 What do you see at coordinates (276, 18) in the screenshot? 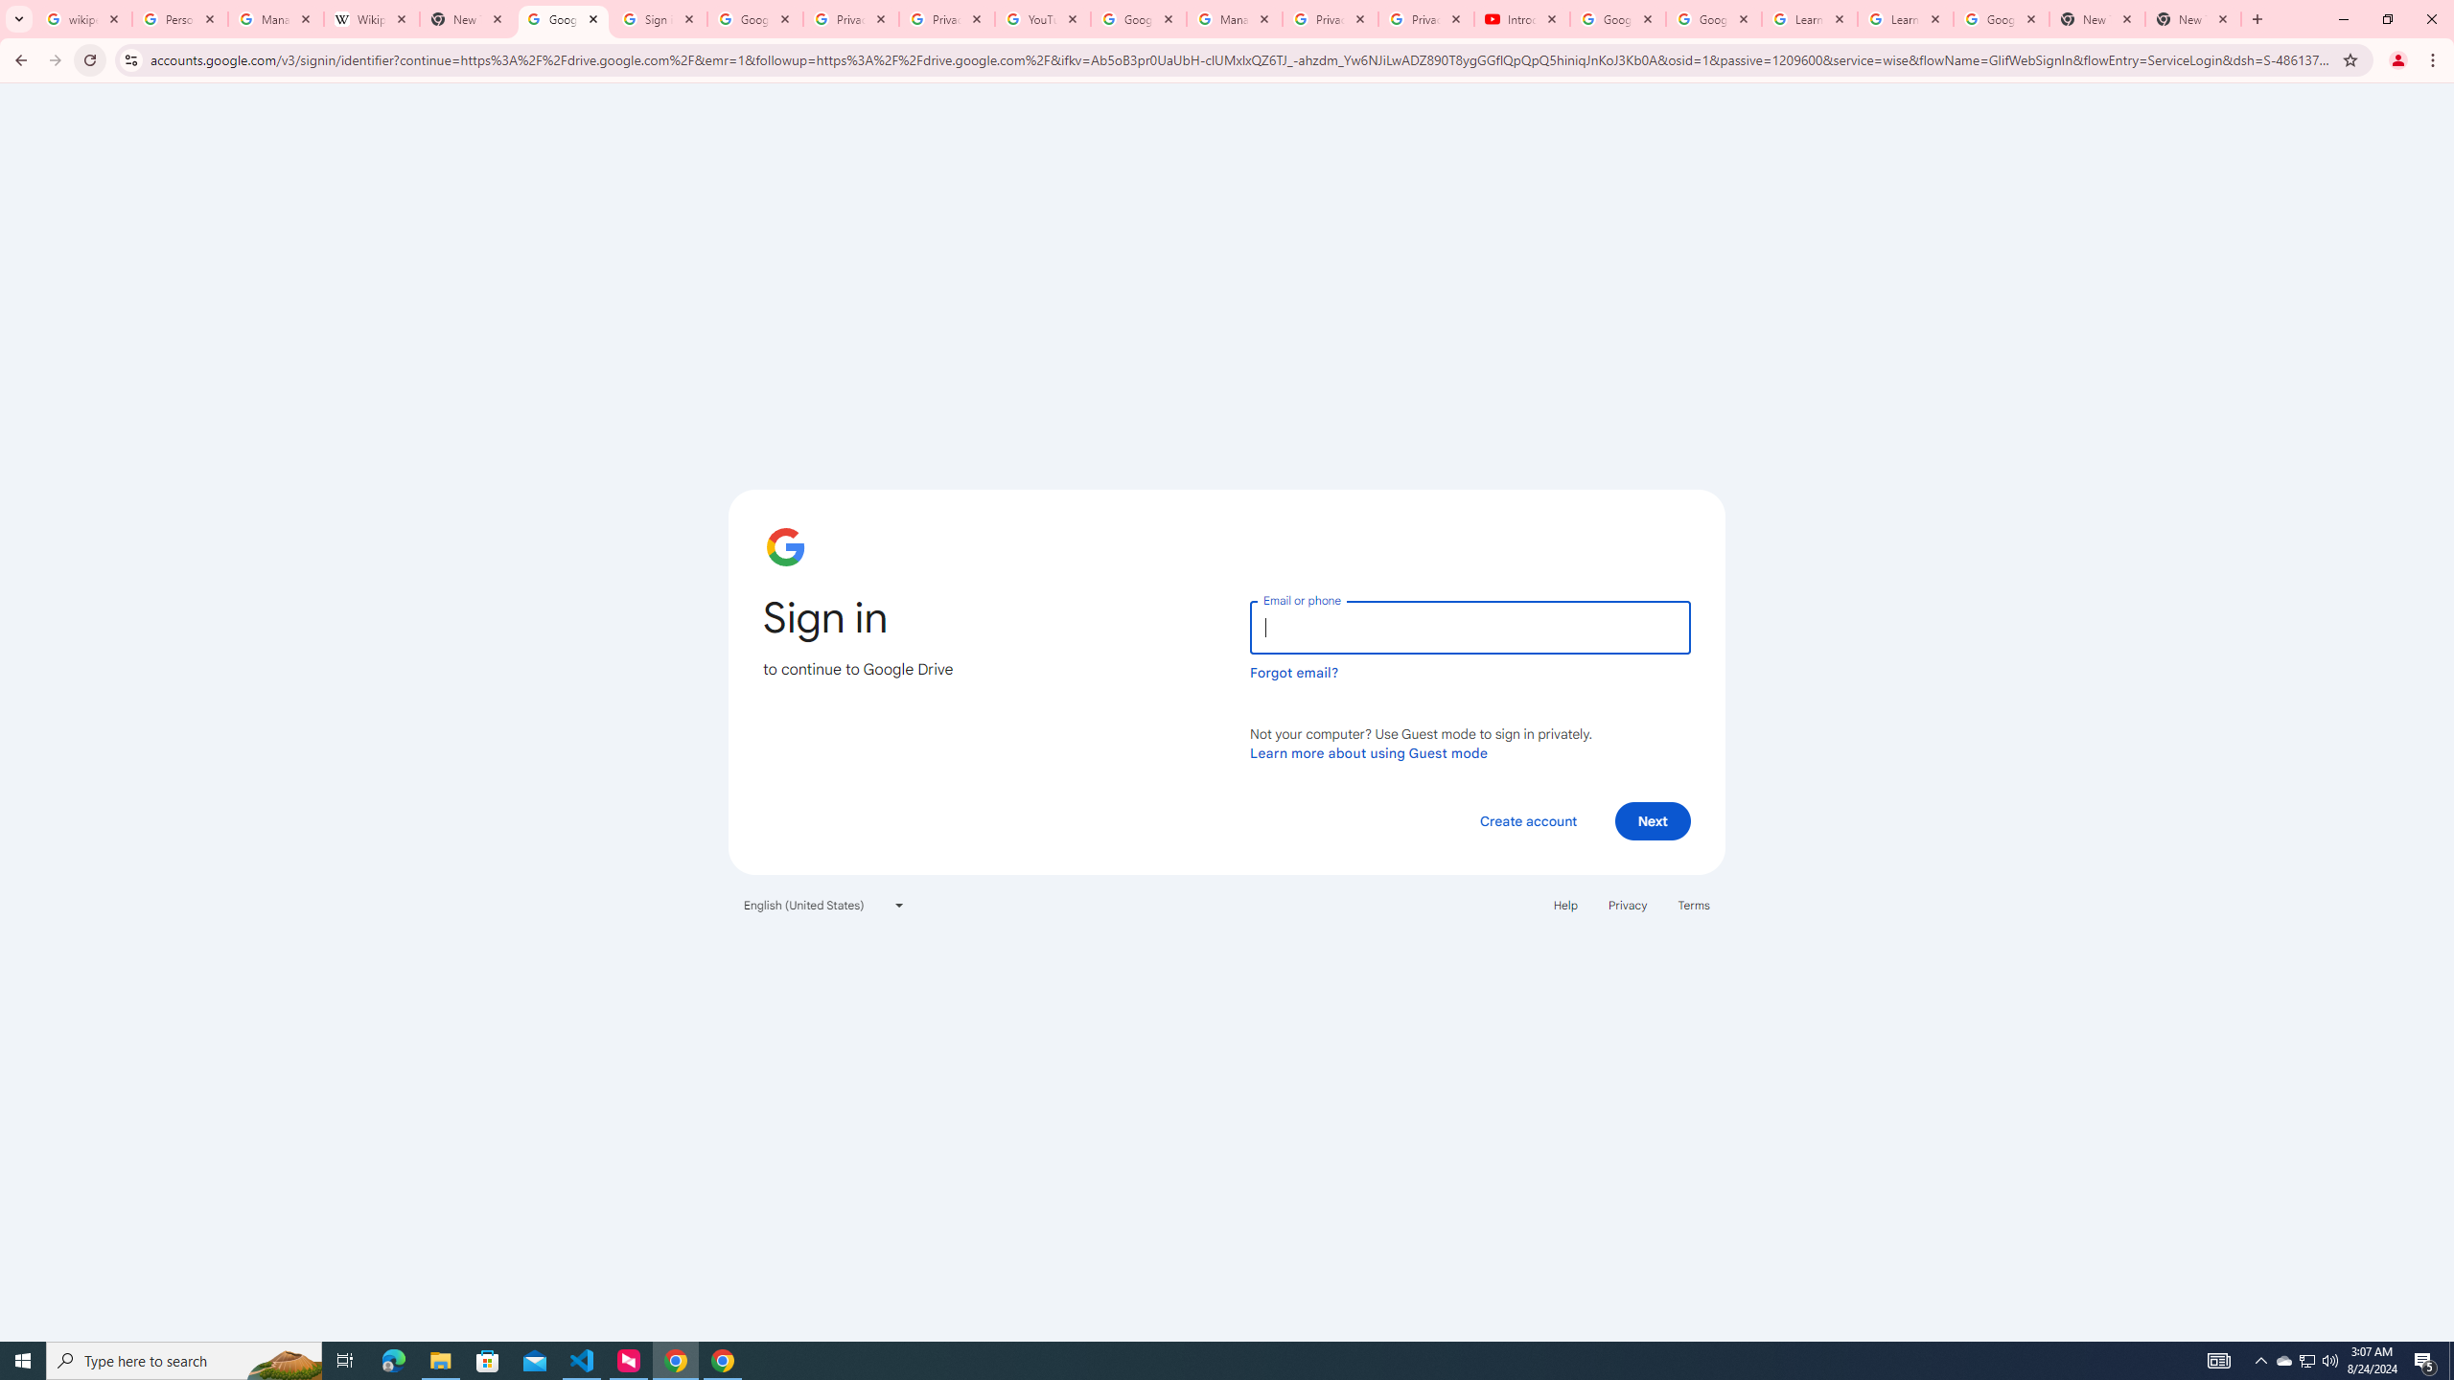
I see `'Manage your Location History - Google Search Help'` at bounding box center [276, 18].